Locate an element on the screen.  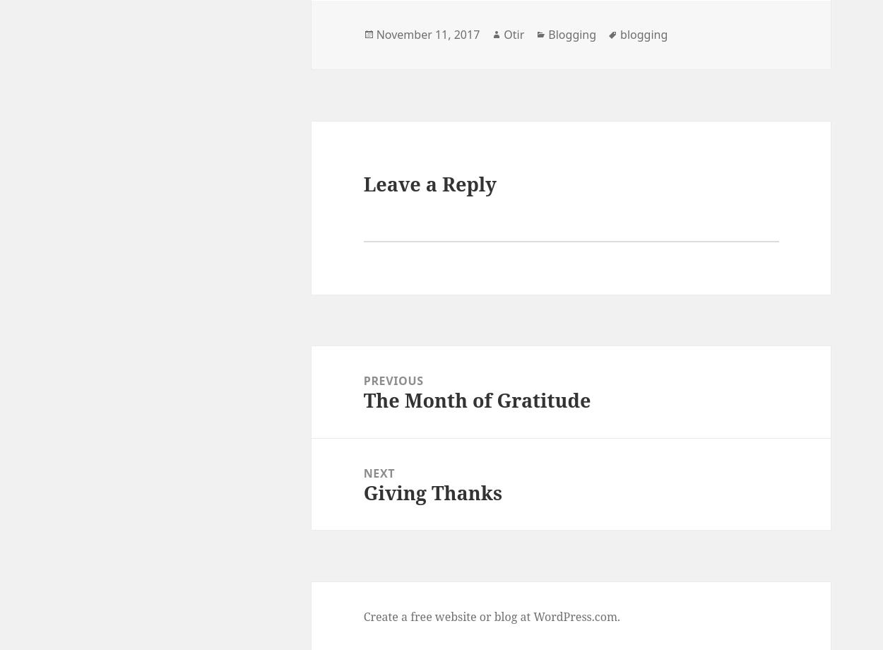
'November 11, 2017' is located at coordinates (376, 35).